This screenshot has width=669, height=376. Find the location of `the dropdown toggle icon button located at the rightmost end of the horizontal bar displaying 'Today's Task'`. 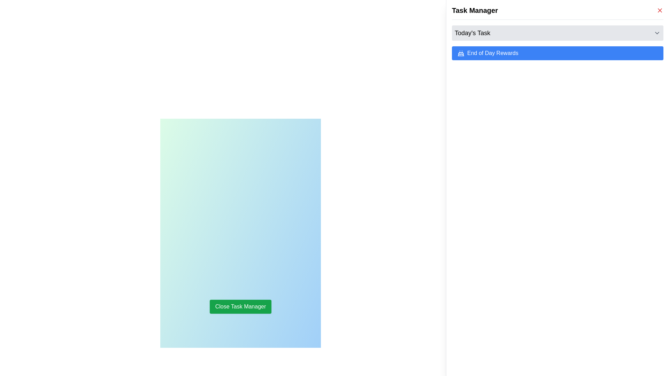

the dropdown toggle icon button located at the rightmost end of the horizontal bar displaying 'Today's Task' is located at coordinates (657, 33).